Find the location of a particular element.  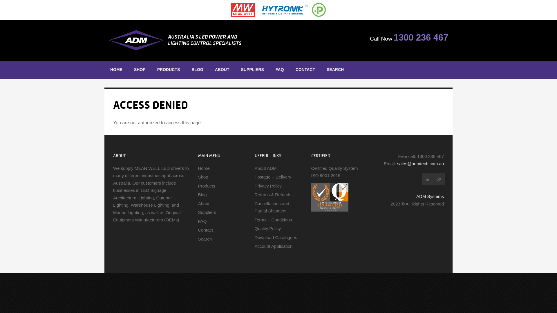

'1300 236 467' is located at coordinates (394, 37).